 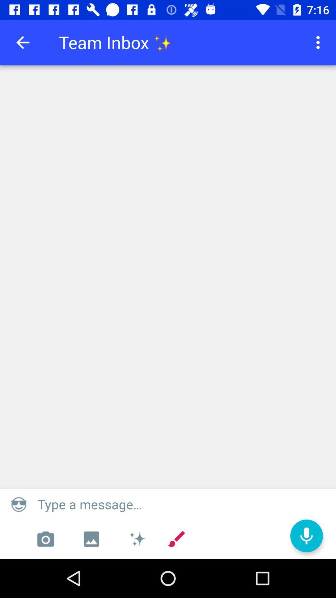 What do you see at coordinates (18, 504) in the screenshot?
I see `the emoji icon` at bounding box center [18, 504].